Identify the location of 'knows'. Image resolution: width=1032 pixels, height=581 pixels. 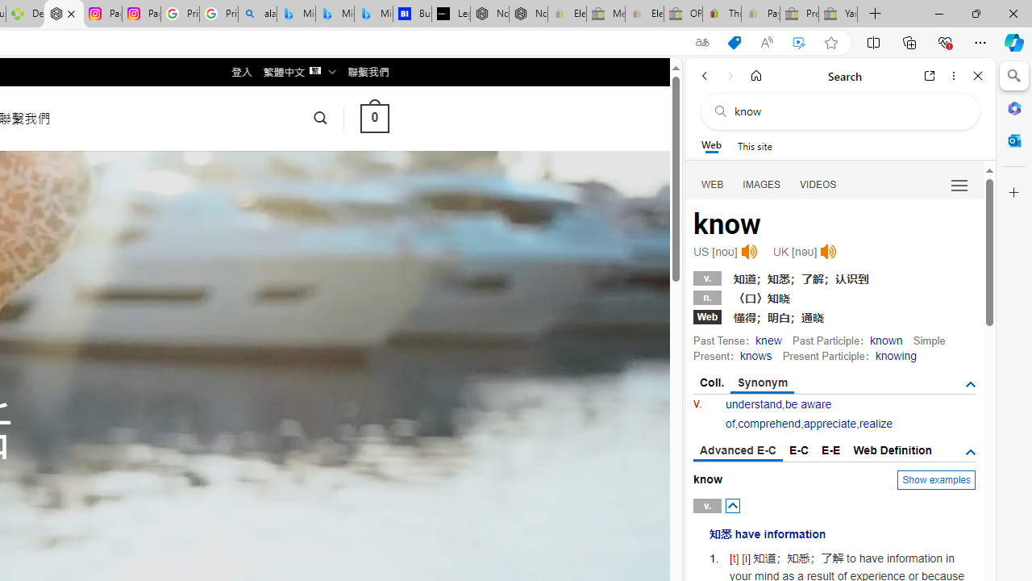
(754, 355).